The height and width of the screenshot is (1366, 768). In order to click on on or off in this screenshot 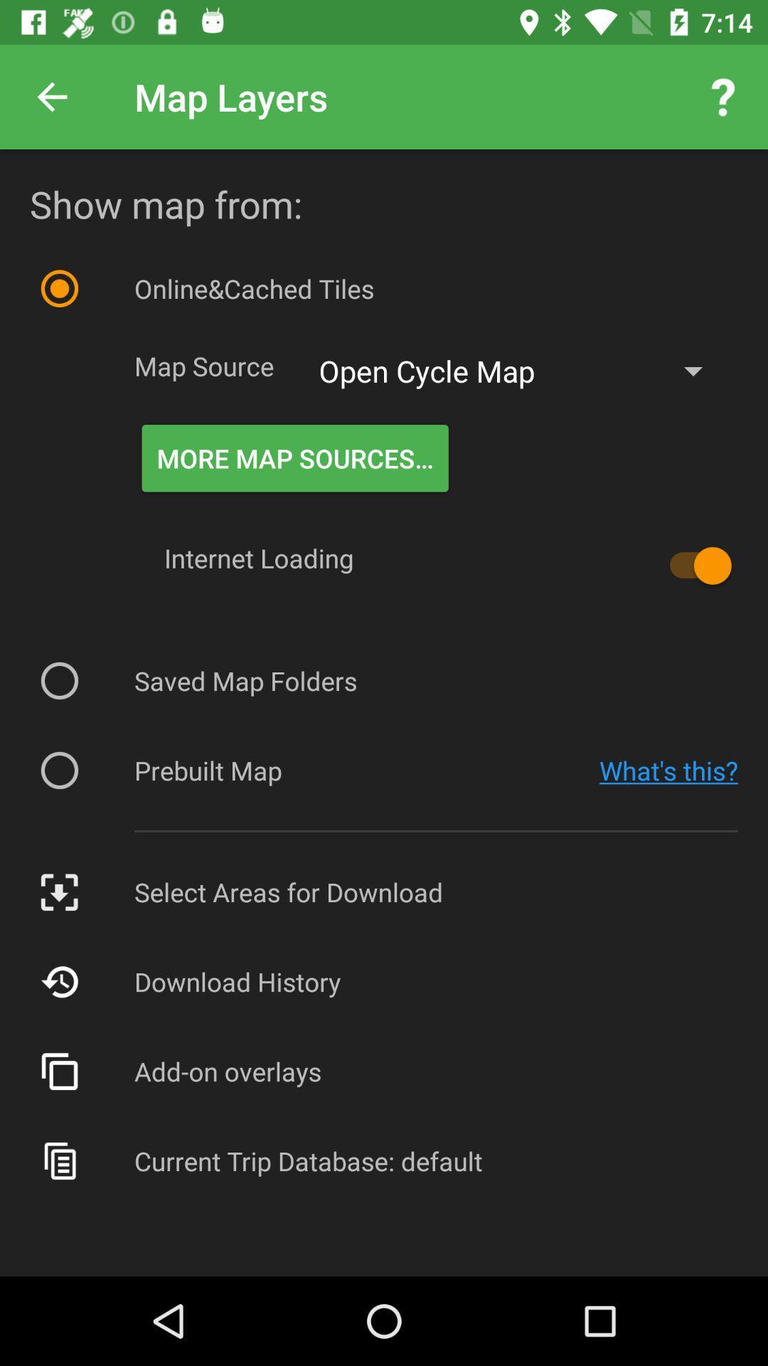, I will do `click(693, 565)`.